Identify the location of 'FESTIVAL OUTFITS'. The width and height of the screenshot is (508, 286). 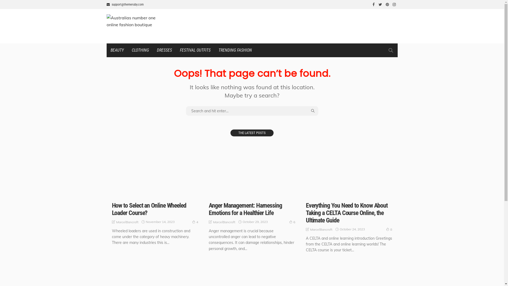
(195, 50).